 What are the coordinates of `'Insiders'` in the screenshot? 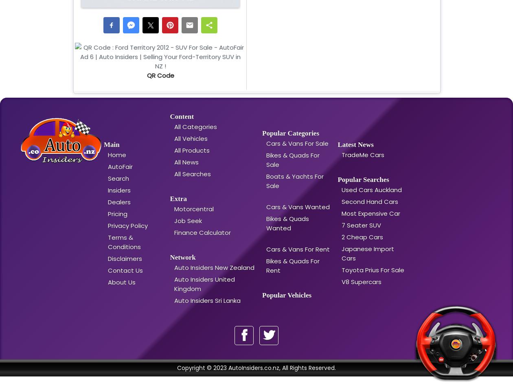 It's located at (107, 189).